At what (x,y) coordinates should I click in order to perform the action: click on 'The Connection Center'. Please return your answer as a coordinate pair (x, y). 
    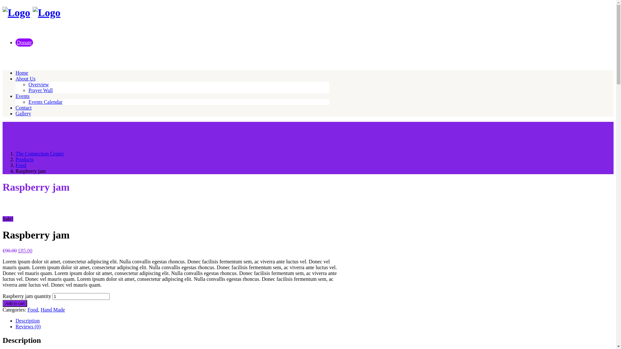
    Looking at the image, I should click on (39, 153).